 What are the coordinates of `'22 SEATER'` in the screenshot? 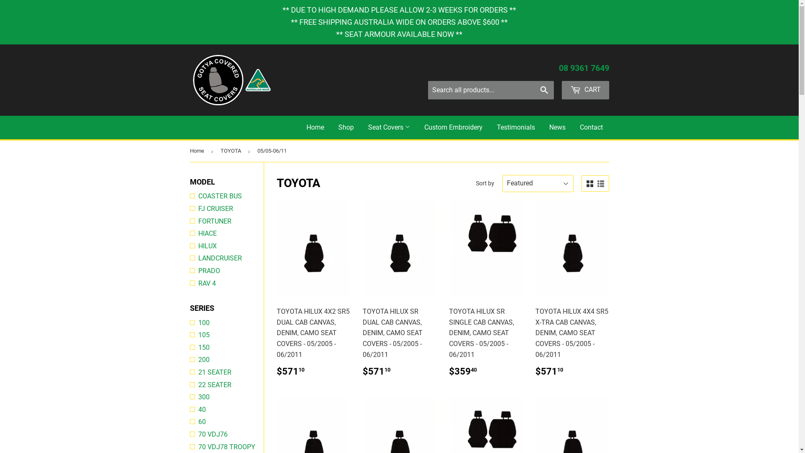 It's located at (226, 385).